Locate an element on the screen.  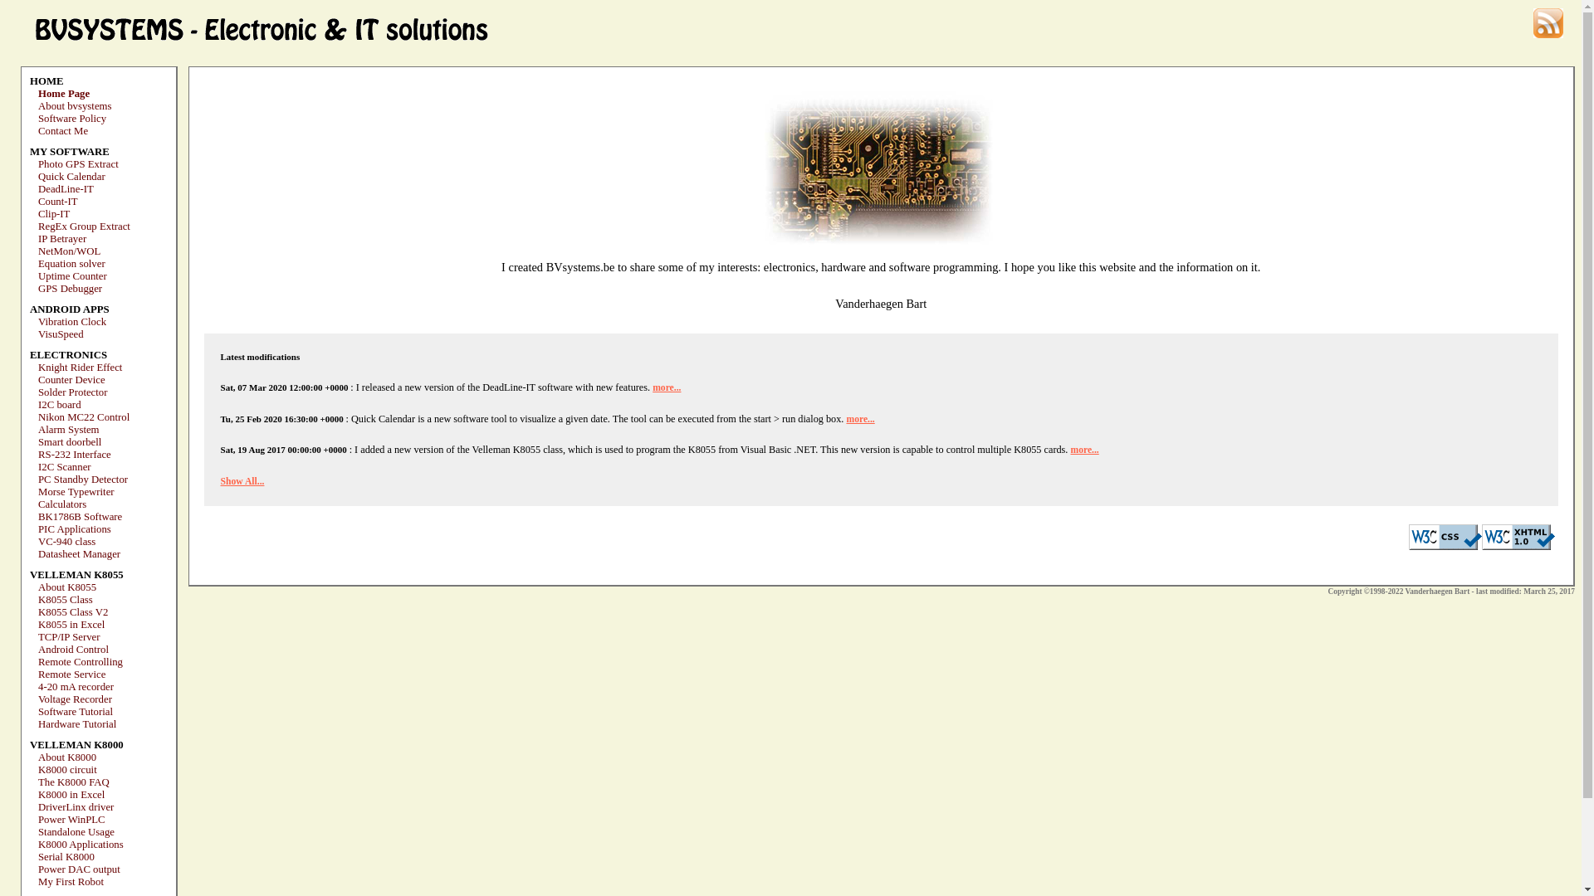
'VC-940 class' is located at coordinates (66, 541).